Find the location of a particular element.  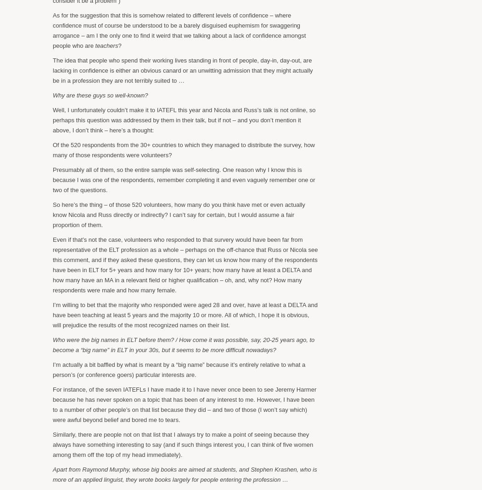

'As for the suggestion that this is somehow related to different levels of confidence – where confidence must of course be understood to be a barely disguised euphemism for swaggering arrogance – am I the only one to find it weird that we talking about a lack of confidence amongst people who are' is located at coordinates (52, 29).